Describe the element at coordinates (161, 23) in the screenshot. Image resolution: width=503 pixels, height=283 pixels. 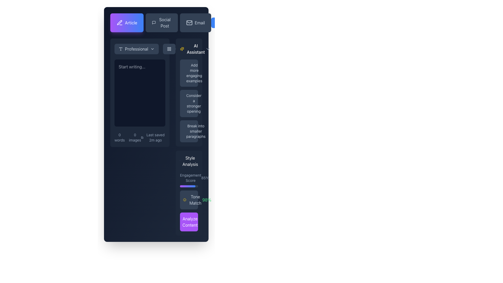
I see `the second button in the horizontal group of three buttons, located between the 'Article' and 'Email' buttons` at that location.